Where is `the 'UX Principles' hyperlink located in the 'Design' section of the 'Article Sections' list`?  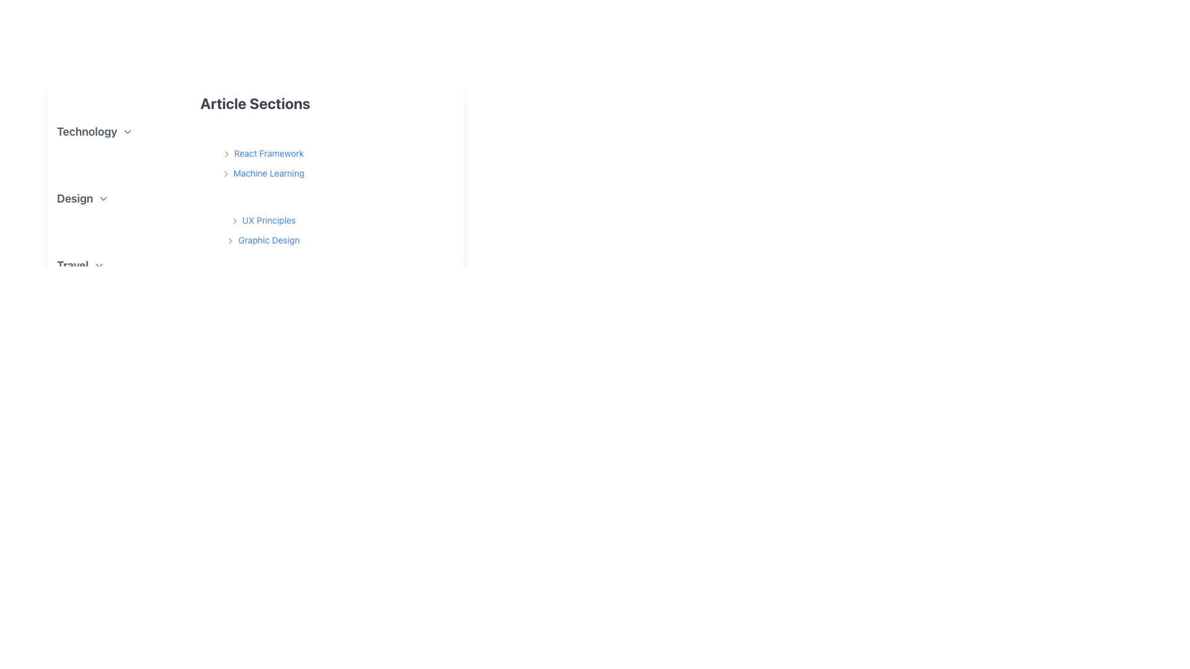 the 'UX Principles' hyperlink located in the 'Design' section of the 'Article Sections' list is located at coordinates (262, 219).